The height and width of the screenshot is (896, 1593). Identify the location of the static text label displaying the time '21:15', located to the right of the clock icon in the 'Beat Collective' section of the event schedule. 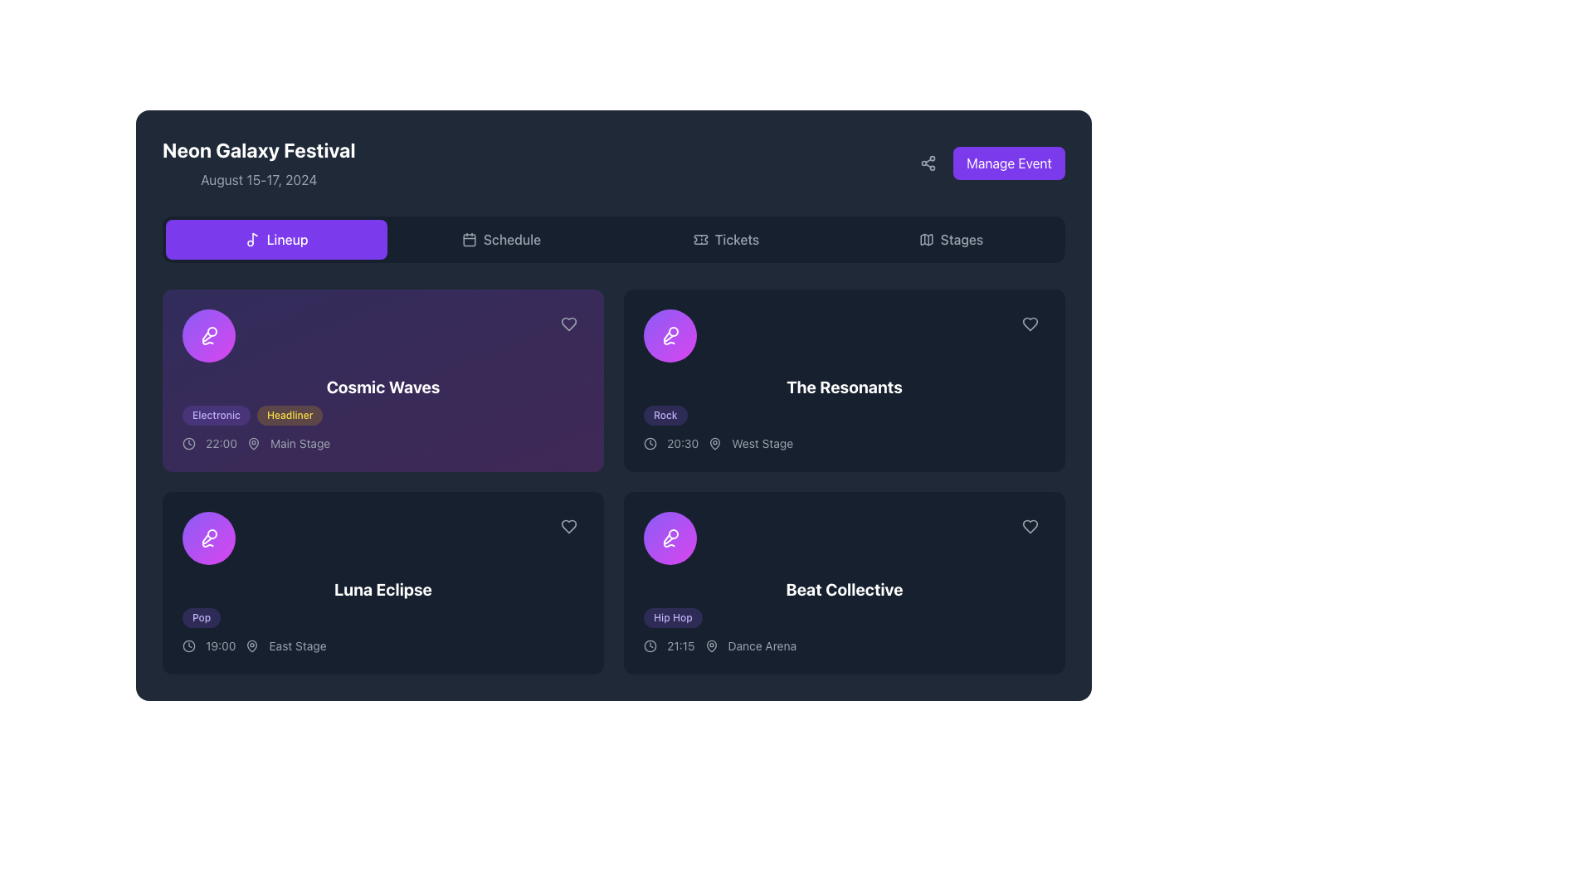
(680, 645).